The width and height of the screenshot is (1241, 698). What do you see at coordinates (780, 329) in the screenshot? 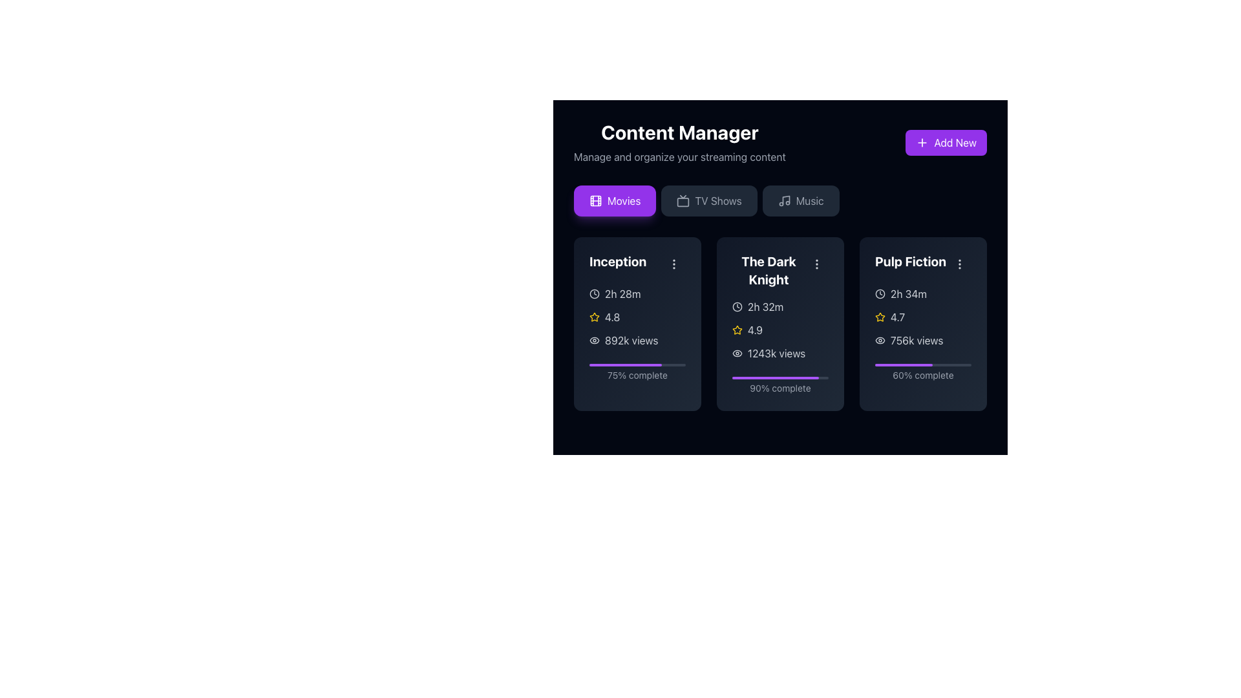
I see `detailed information displayed in the informational component about the movie 'The Dark Knight', including its duration, rating, and viewership count` at bounding box center [780, 329].